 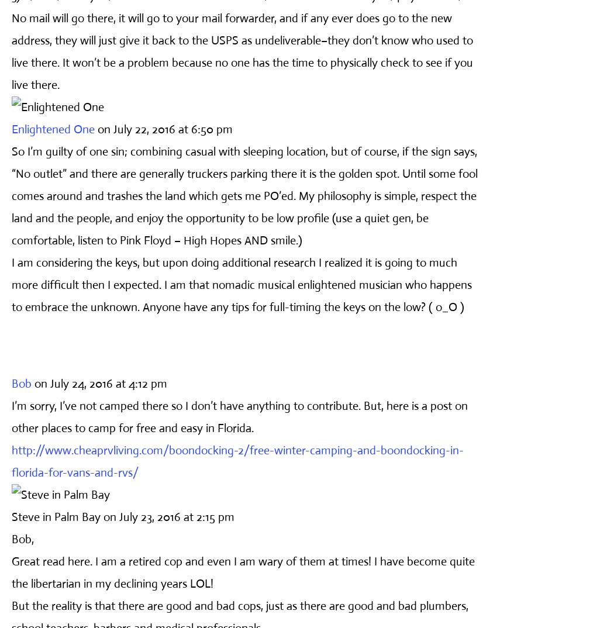 I want to click on 'on July 24, 2016 at 4:12 pm', so click(x=101, y=382).